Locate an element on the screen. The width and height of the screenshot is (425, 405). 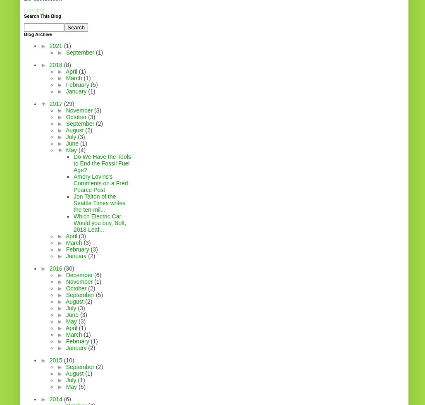
'2021' is located at coordinates (56, 46).